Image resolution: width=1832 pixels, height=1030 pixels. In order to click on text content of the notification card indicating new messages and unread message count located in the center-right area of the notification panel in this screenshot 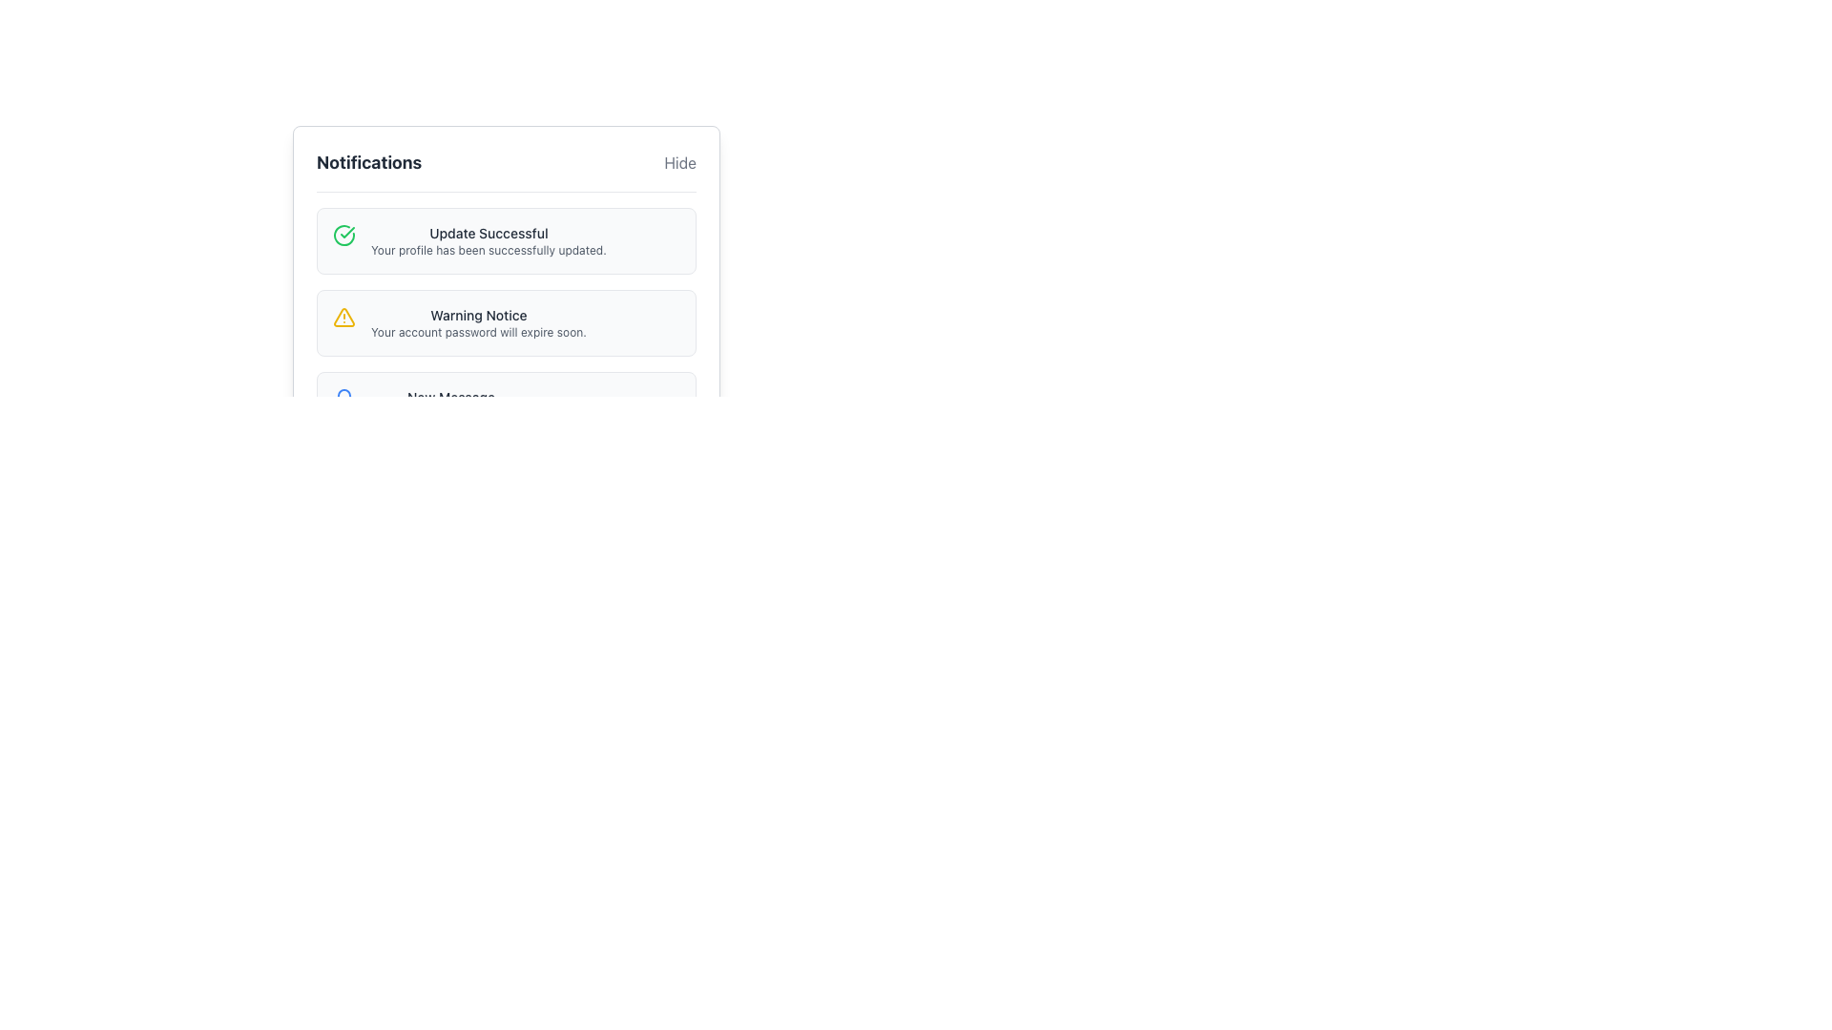, I will do `click(450, 403)`.